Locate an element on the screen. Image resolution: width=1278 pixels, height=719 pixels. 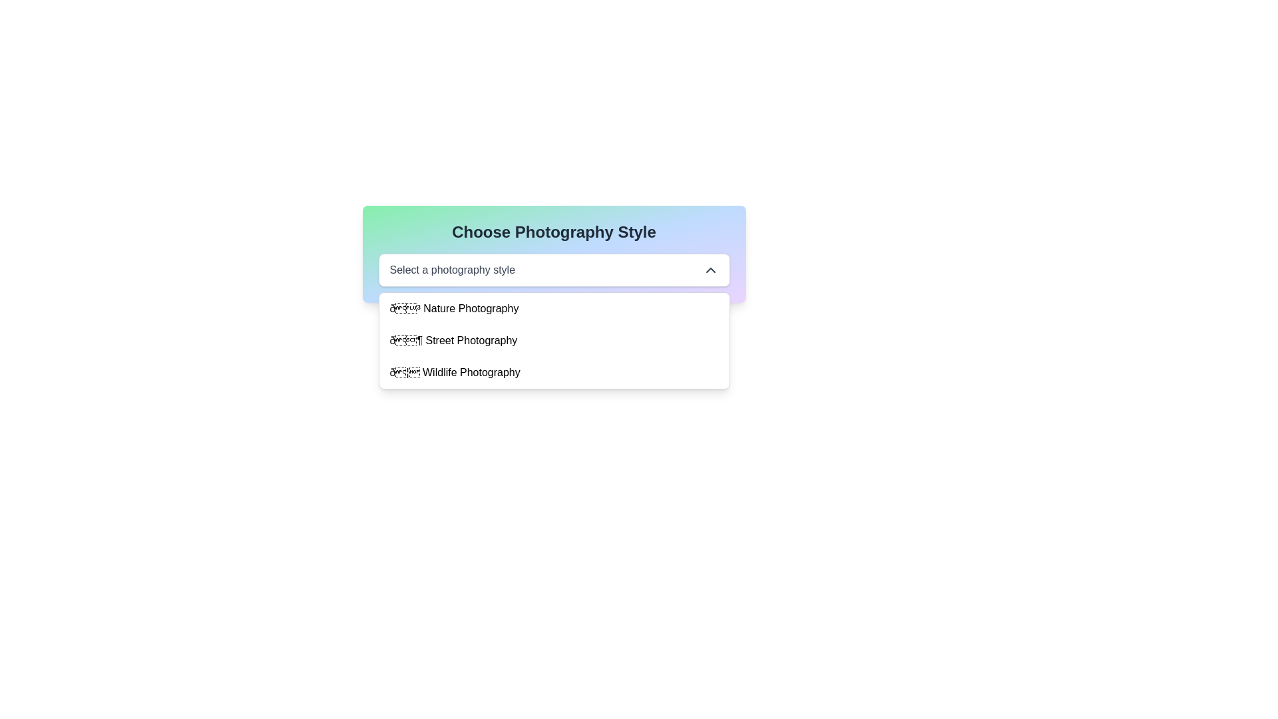
the dropdown option labeled '🦁 Wildlife Photography' is located at coordinates (455, 372).